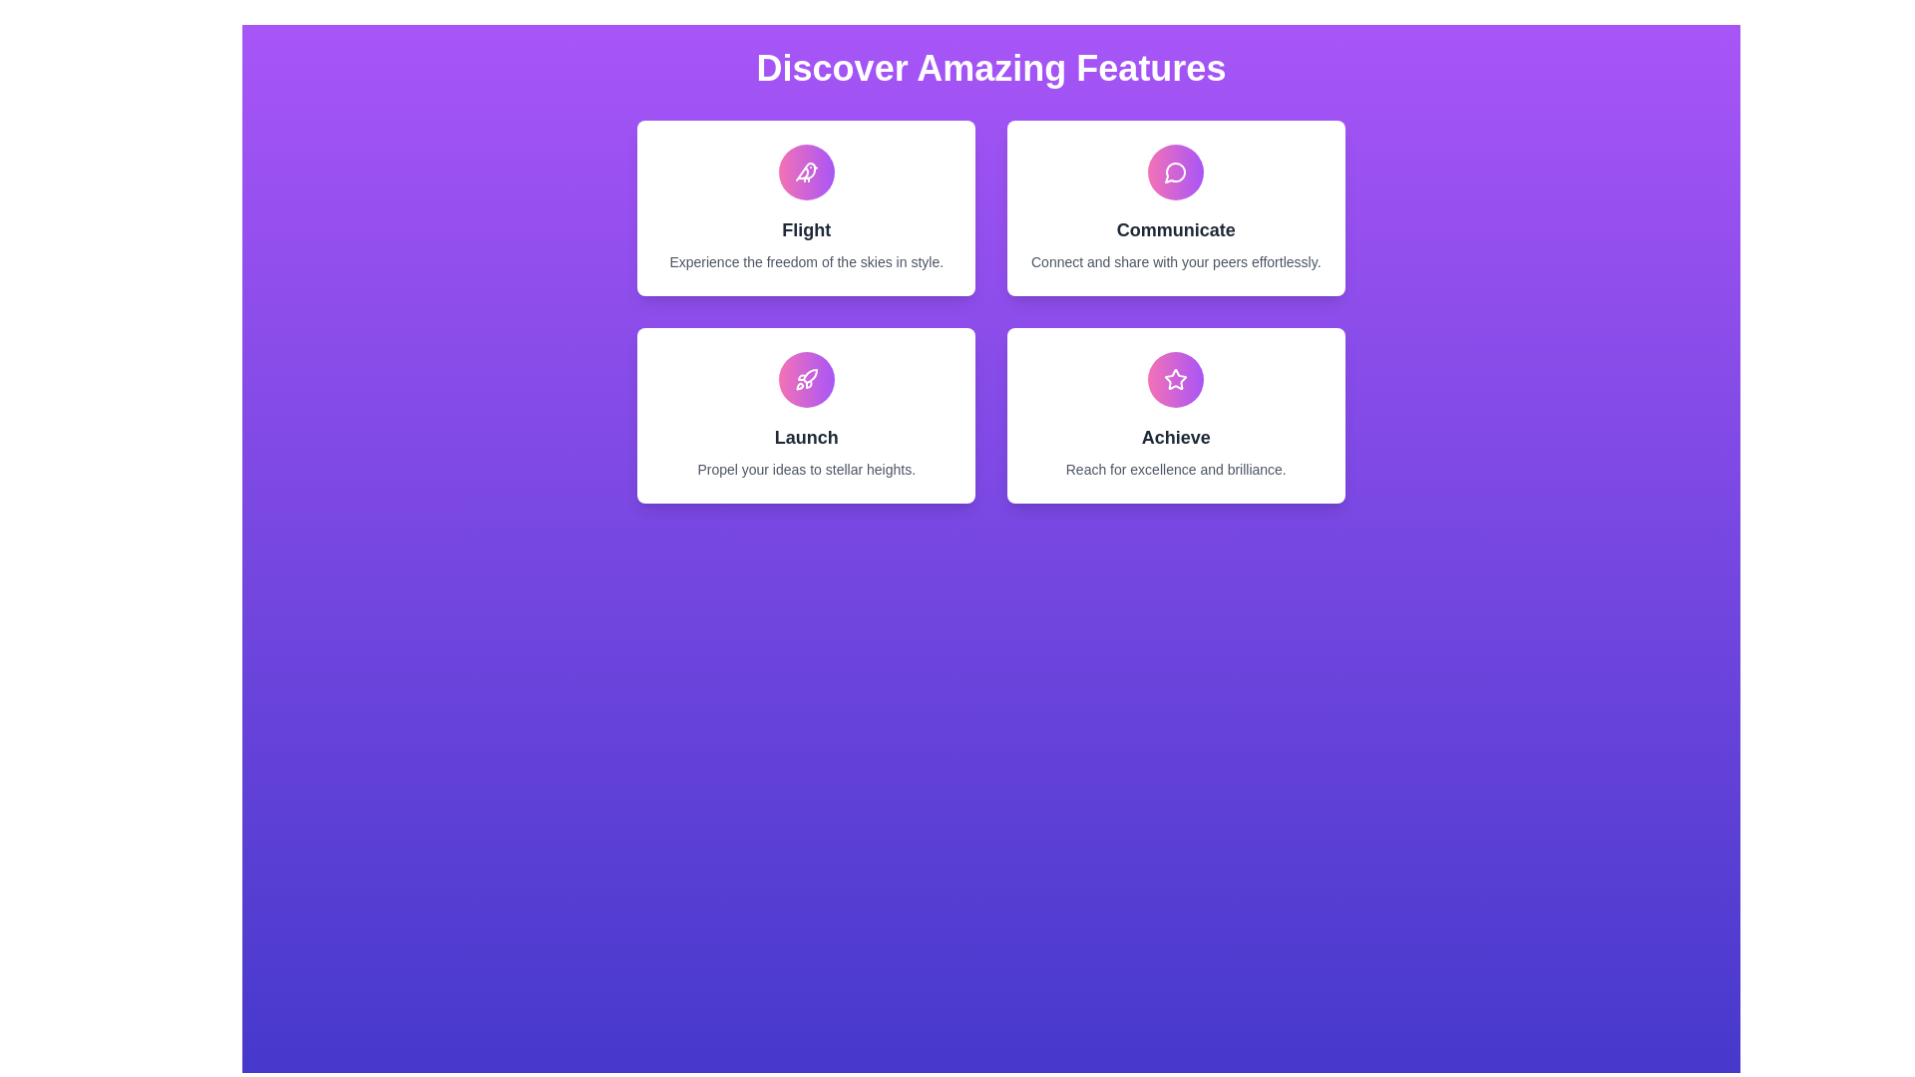 This screenshot has height=1077, width=1915. Describe the element at coordinates (806, 229) in the screenshot. I see `the text label that serves as a heading or title for the top-left card in a 2x2 grid, located below a circular pink and purple icon and above descriptive text` at that location.